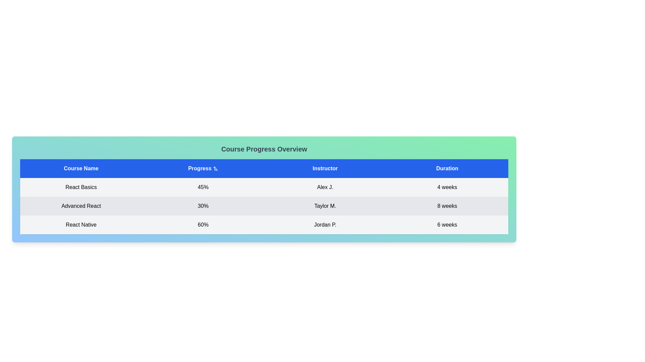 The image size is (645, 362). I want to click on the non-interactive text label displaying the instructor's name for the course 'React Basics', located in the third column of the first row of the course information table, so click(325, 187).